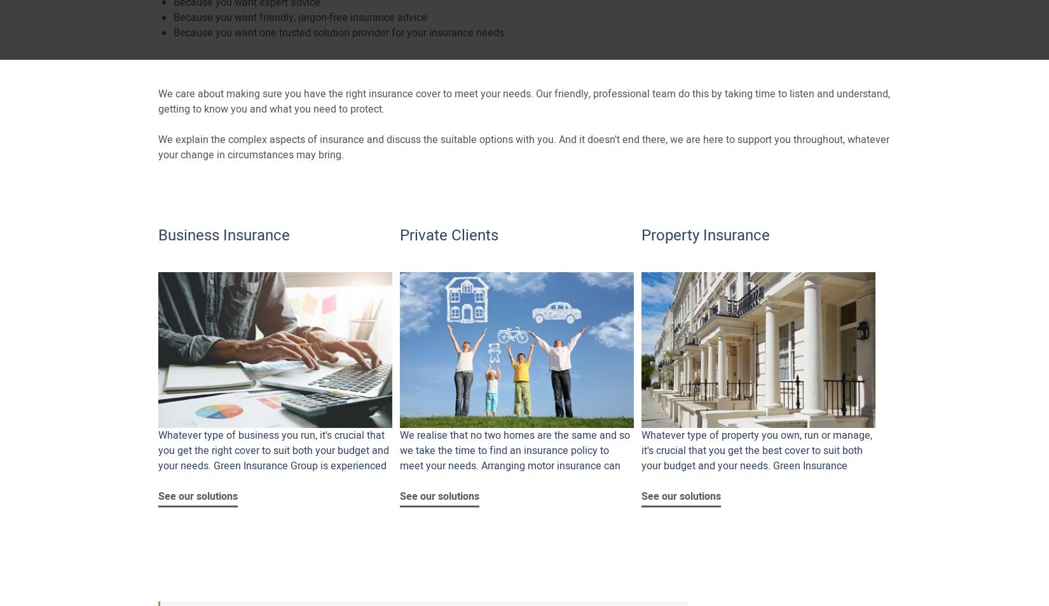 This screenshot has width=1049, height=606. What do you see at coordinates (523, 146) in the screenshot?
I see `'We explain the complex aspects of insurance and discuss the suitable options with you. And it doesn't end there, we are here to support you throughout, whatever your change in circumstances may bring.'` at bounding box center [523, 146].